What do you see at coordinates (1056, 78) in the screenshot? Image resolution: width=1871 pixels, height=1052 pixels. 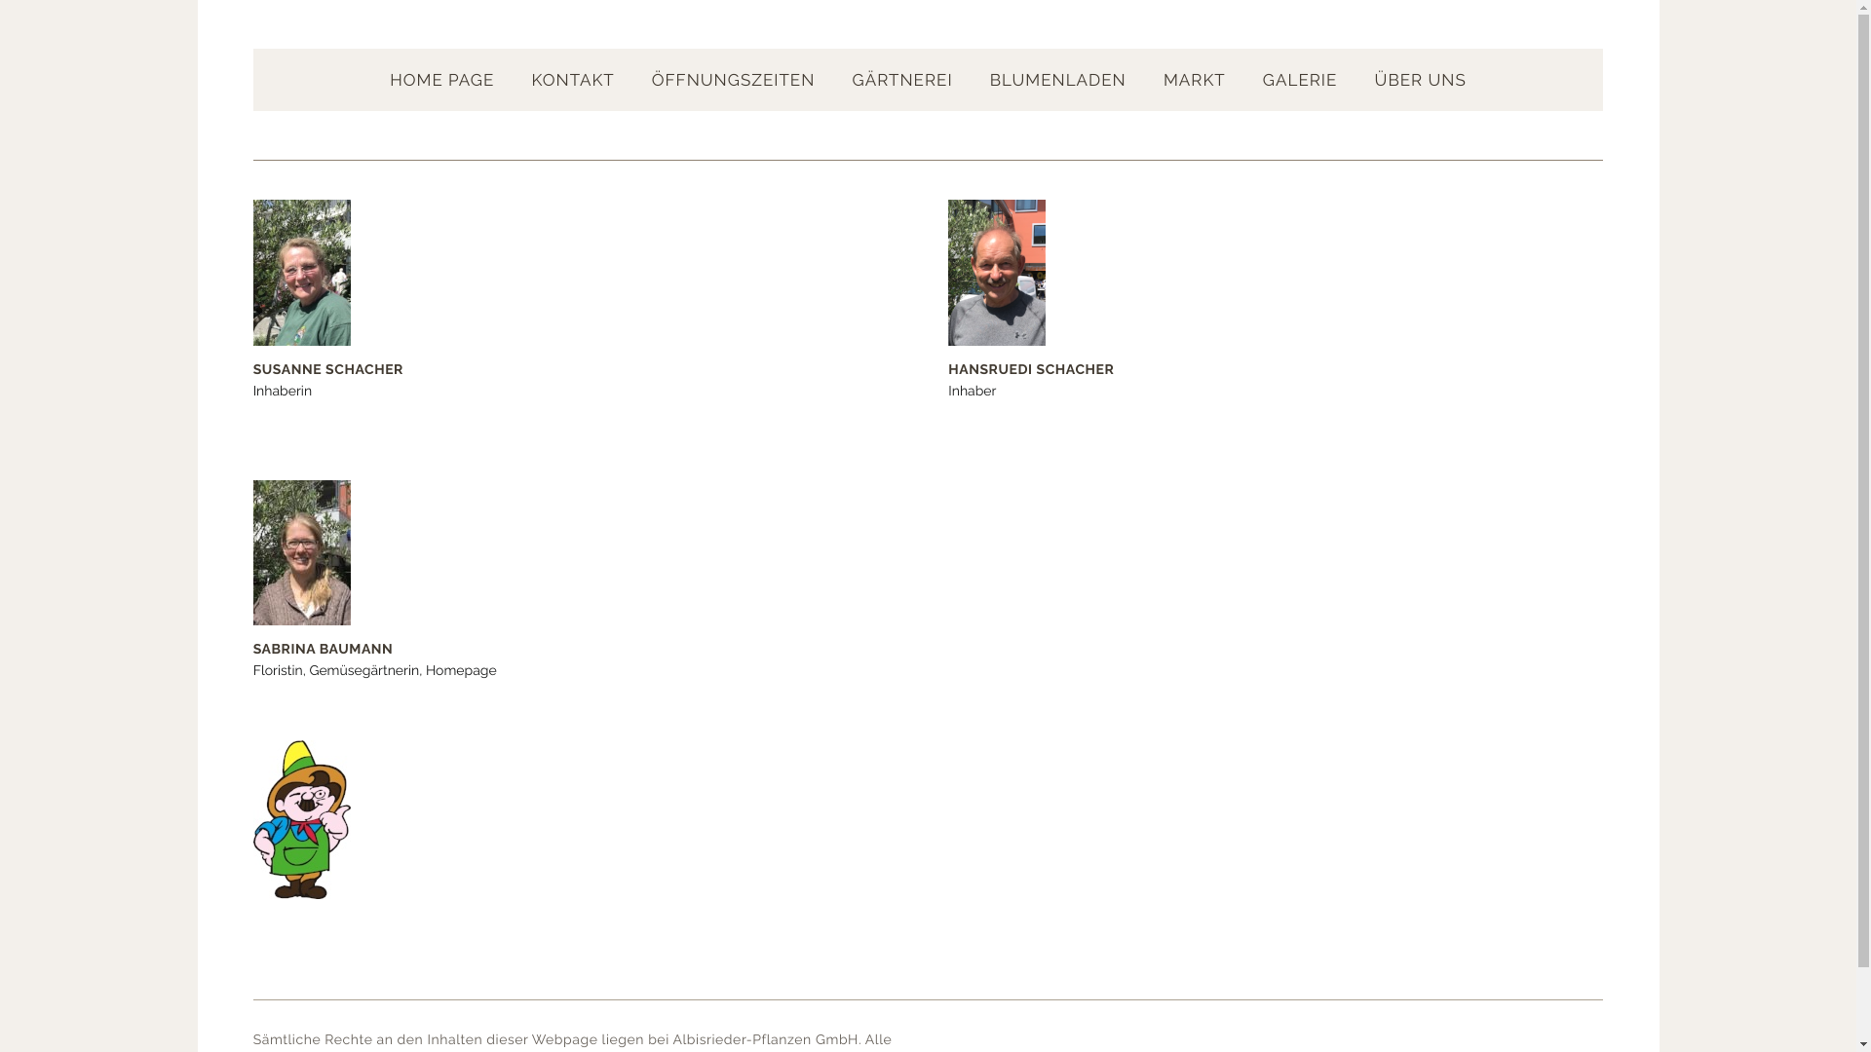 I see `'BLUMENLADEN'` at bounding box center [1056, 78].